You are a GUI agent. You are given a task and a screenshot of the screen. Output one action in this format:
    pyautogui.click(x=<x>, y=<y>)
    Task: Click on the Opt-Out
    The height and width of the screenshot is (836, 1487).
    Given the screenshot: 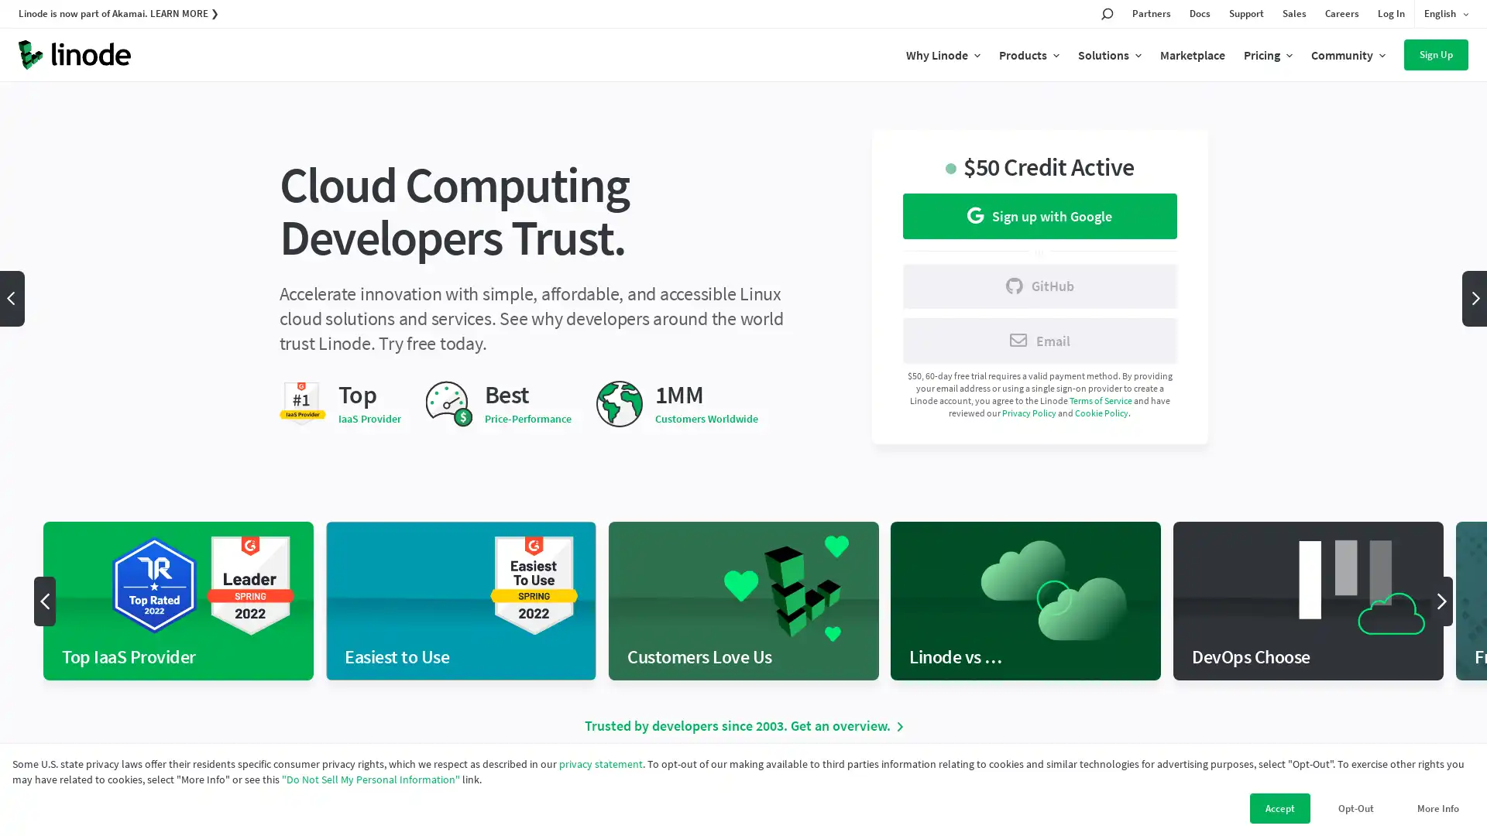 What is the action you would take?
    pyautogui.click(x=1355, y=807)
    